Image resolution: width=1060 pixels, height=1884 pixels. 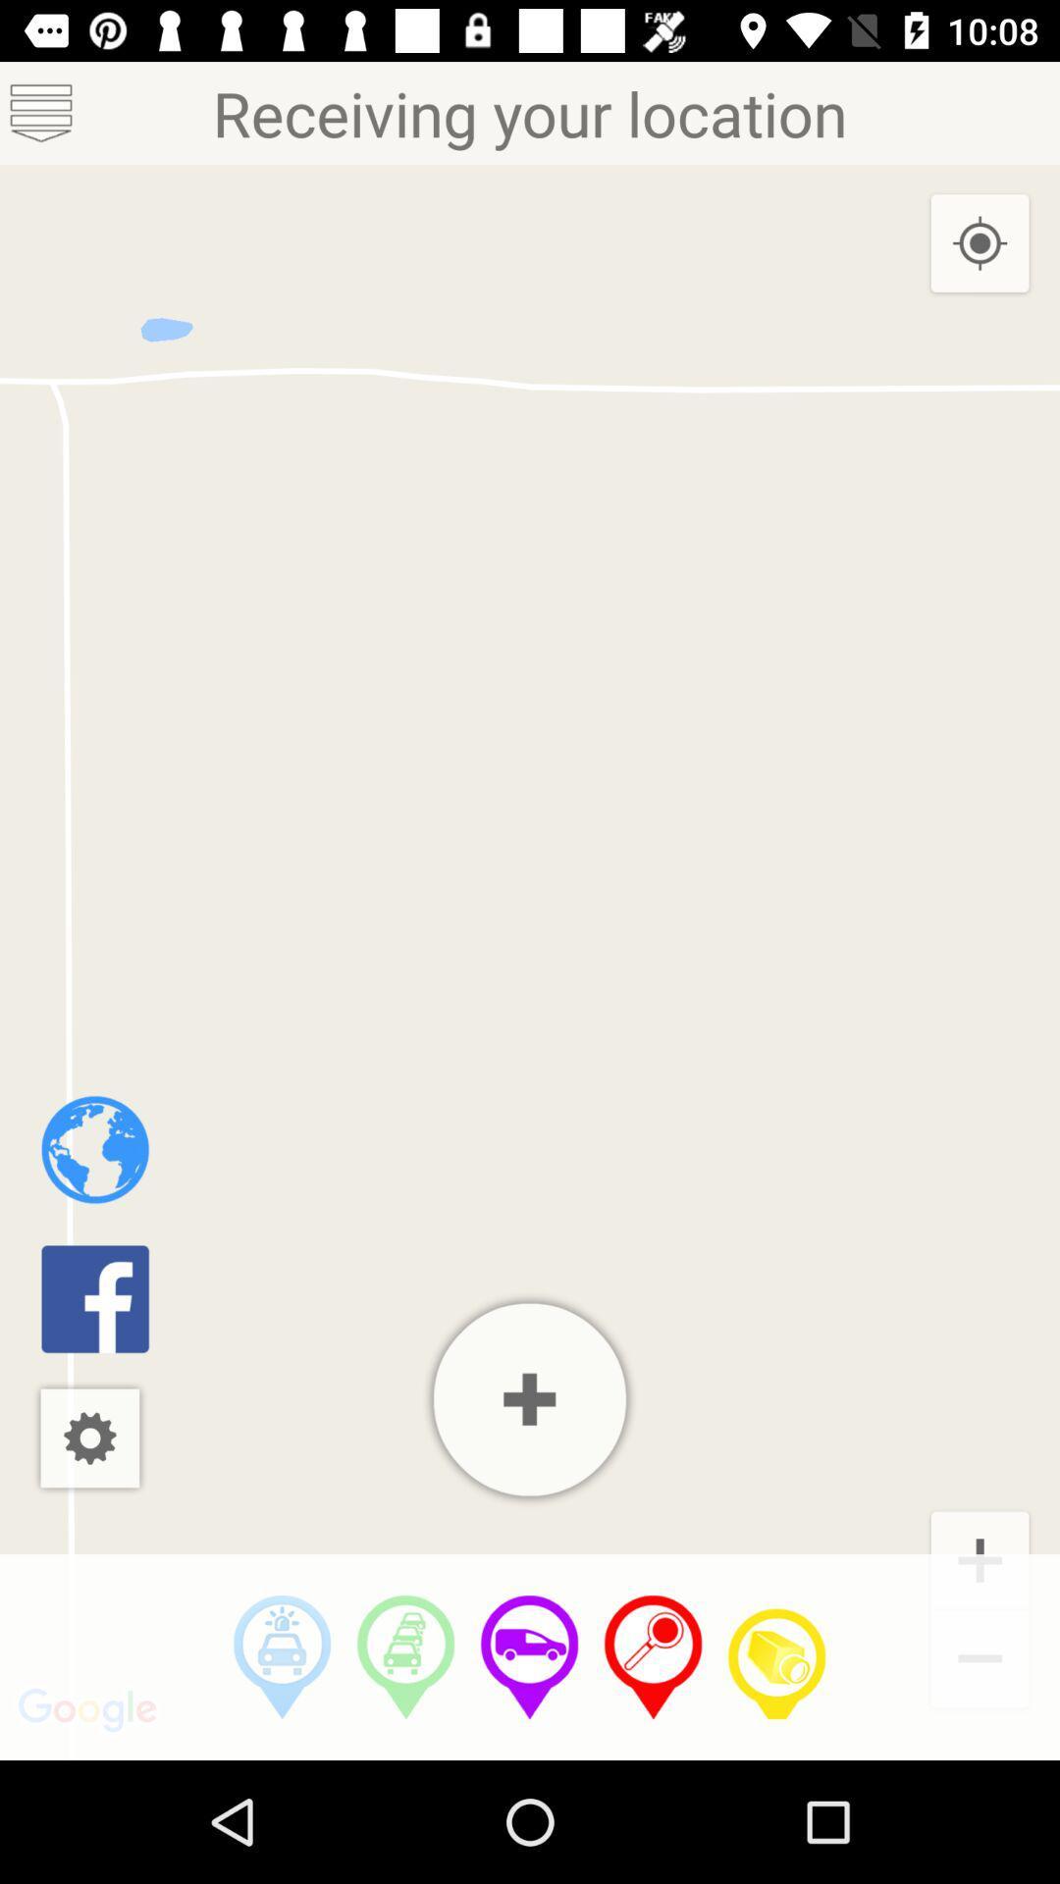 What do you see at coordinates (95, 1149) in the screenshot?
I see `the globe icon` at bounding box center [95, 1149].